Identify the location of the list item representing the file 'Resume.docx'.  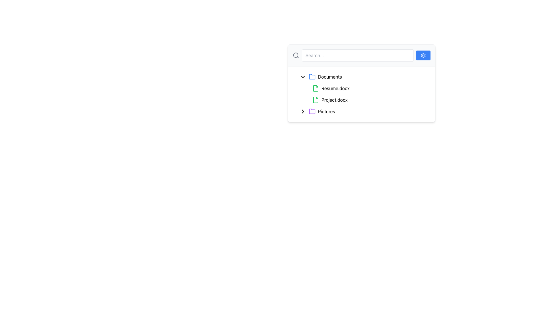
(364, 88).